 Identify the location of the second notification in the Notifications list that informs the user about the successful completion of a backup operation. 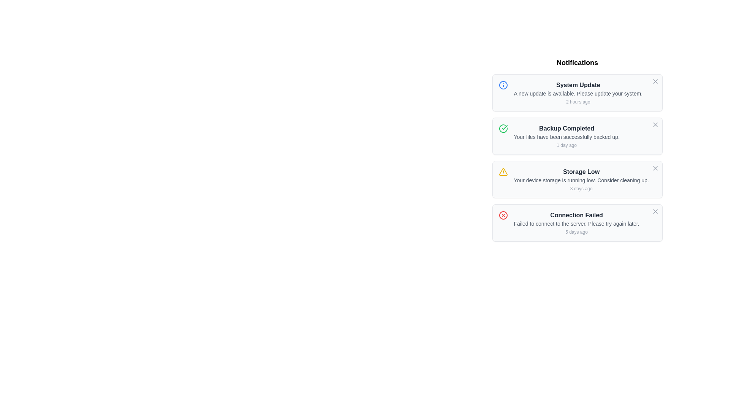
(577, 150).